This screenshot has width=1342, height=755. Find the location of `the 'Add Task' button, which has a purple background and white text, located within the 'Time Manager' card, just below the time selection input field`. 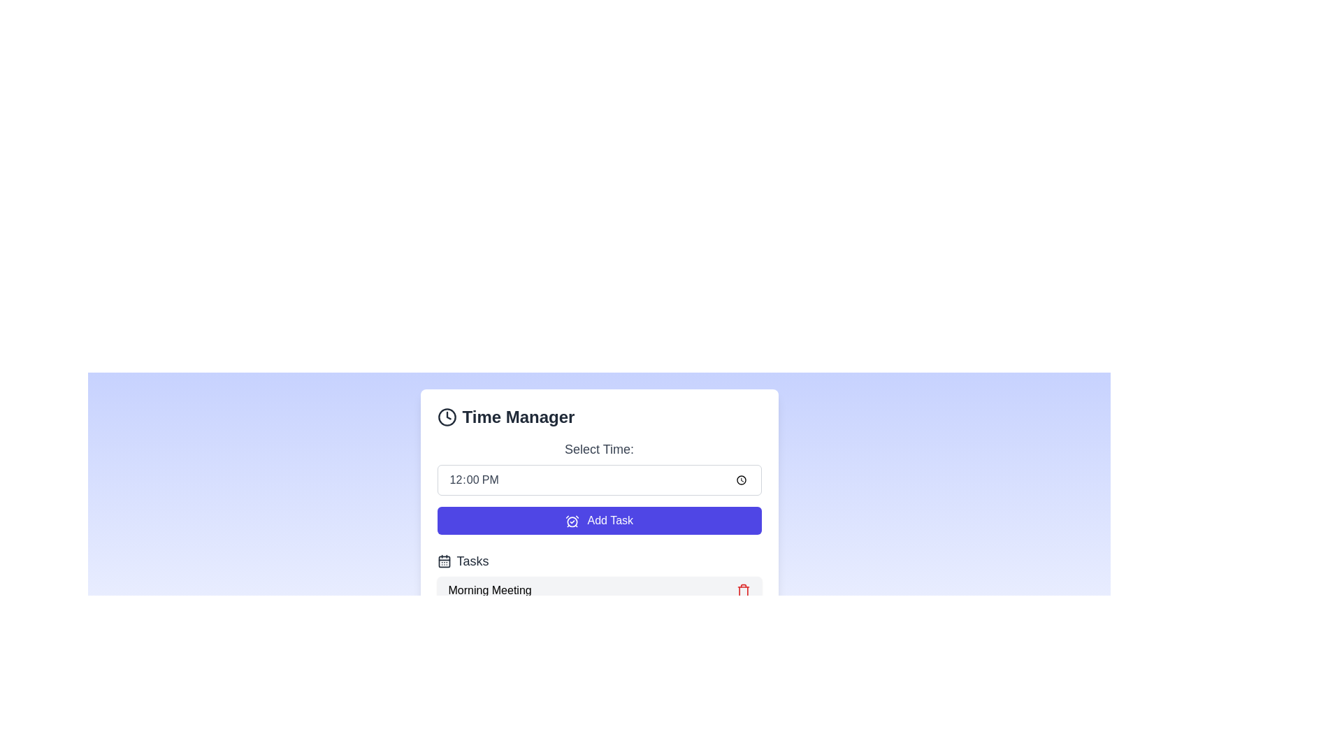

the 'Add Task' button, which has a purple background and white text, located within the 'Time Manager' card, just below the time selection input field is located at coordinates (599, 520).